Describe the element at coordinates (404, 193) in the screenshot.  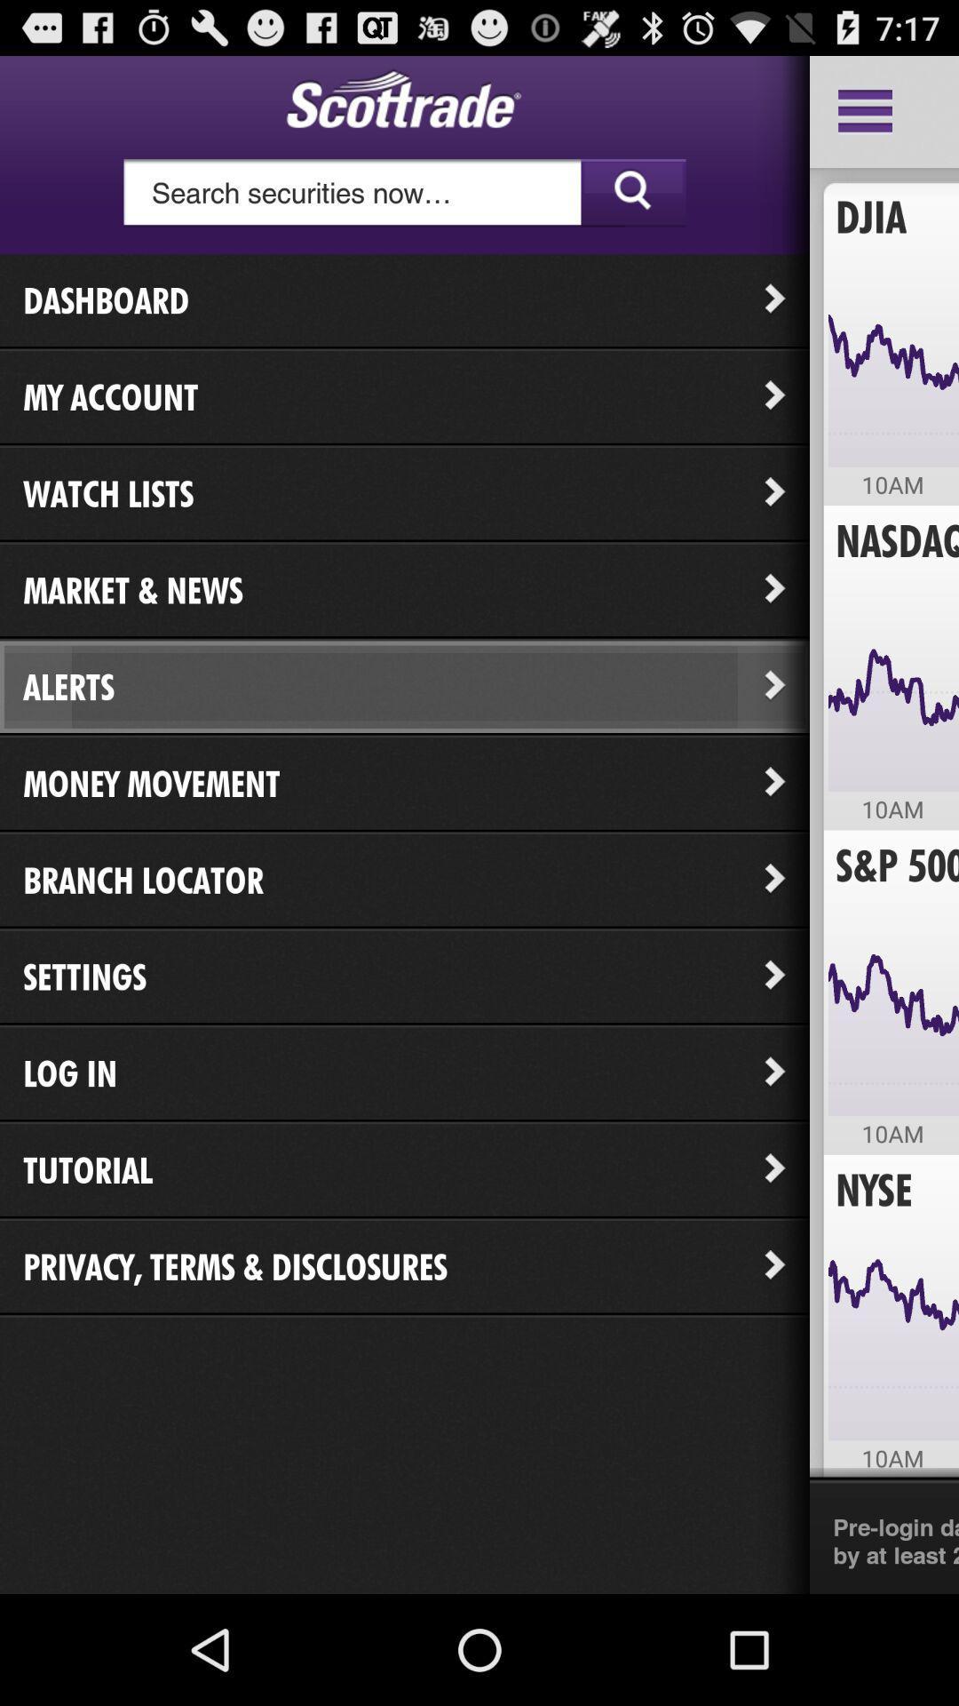
I see `the icon above the dashboard` at that location.